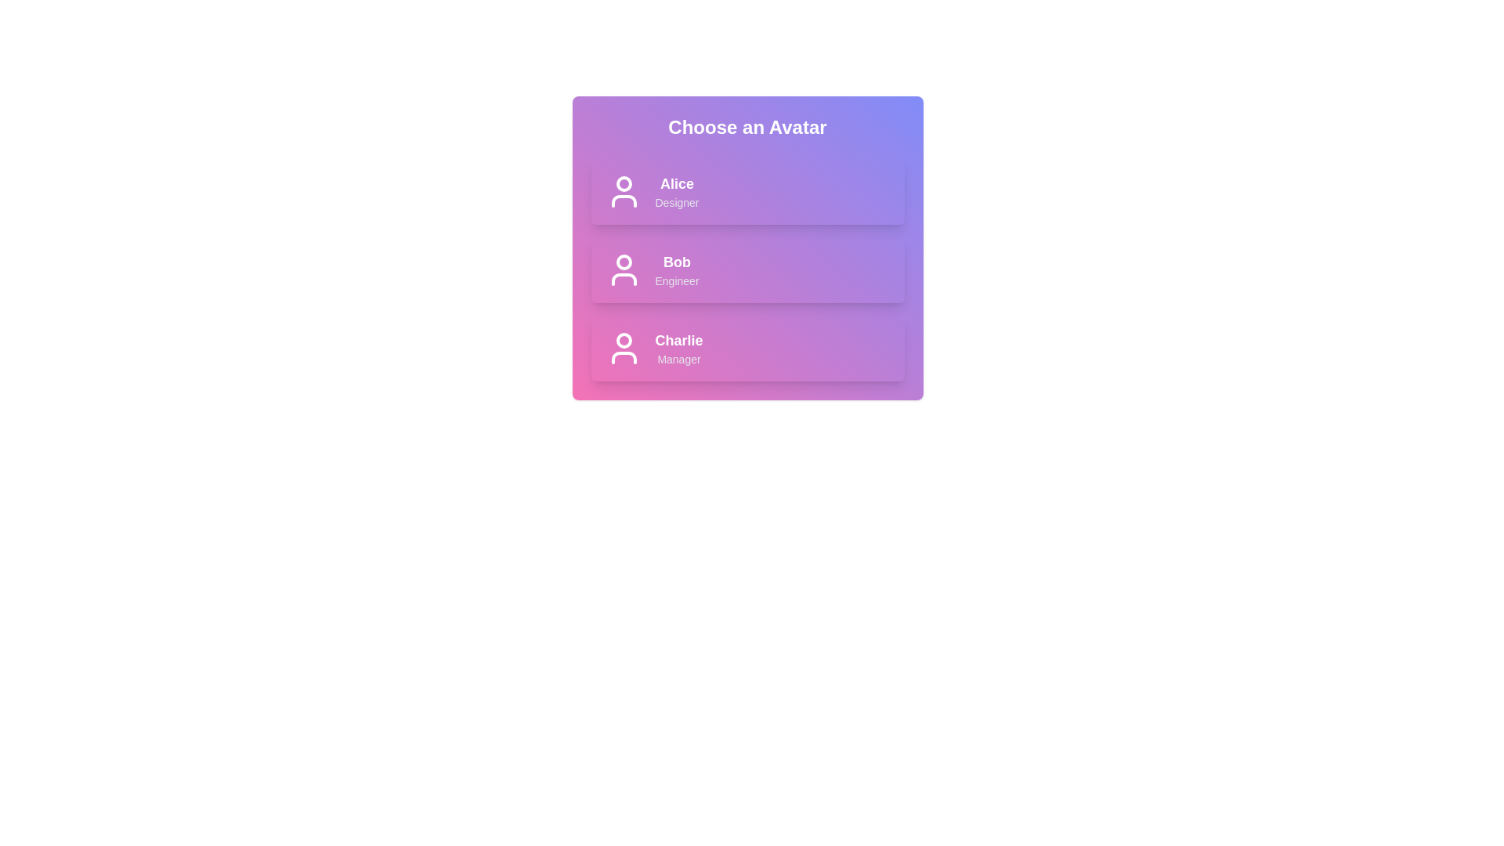 The width and height of the screenshot is (1504, 846). Describe the element at coordinates (747, 269) in the screenshot. I see `the Clickable List Item representing 'Bob, Engineer', which is the second option in the list of three` at that location.